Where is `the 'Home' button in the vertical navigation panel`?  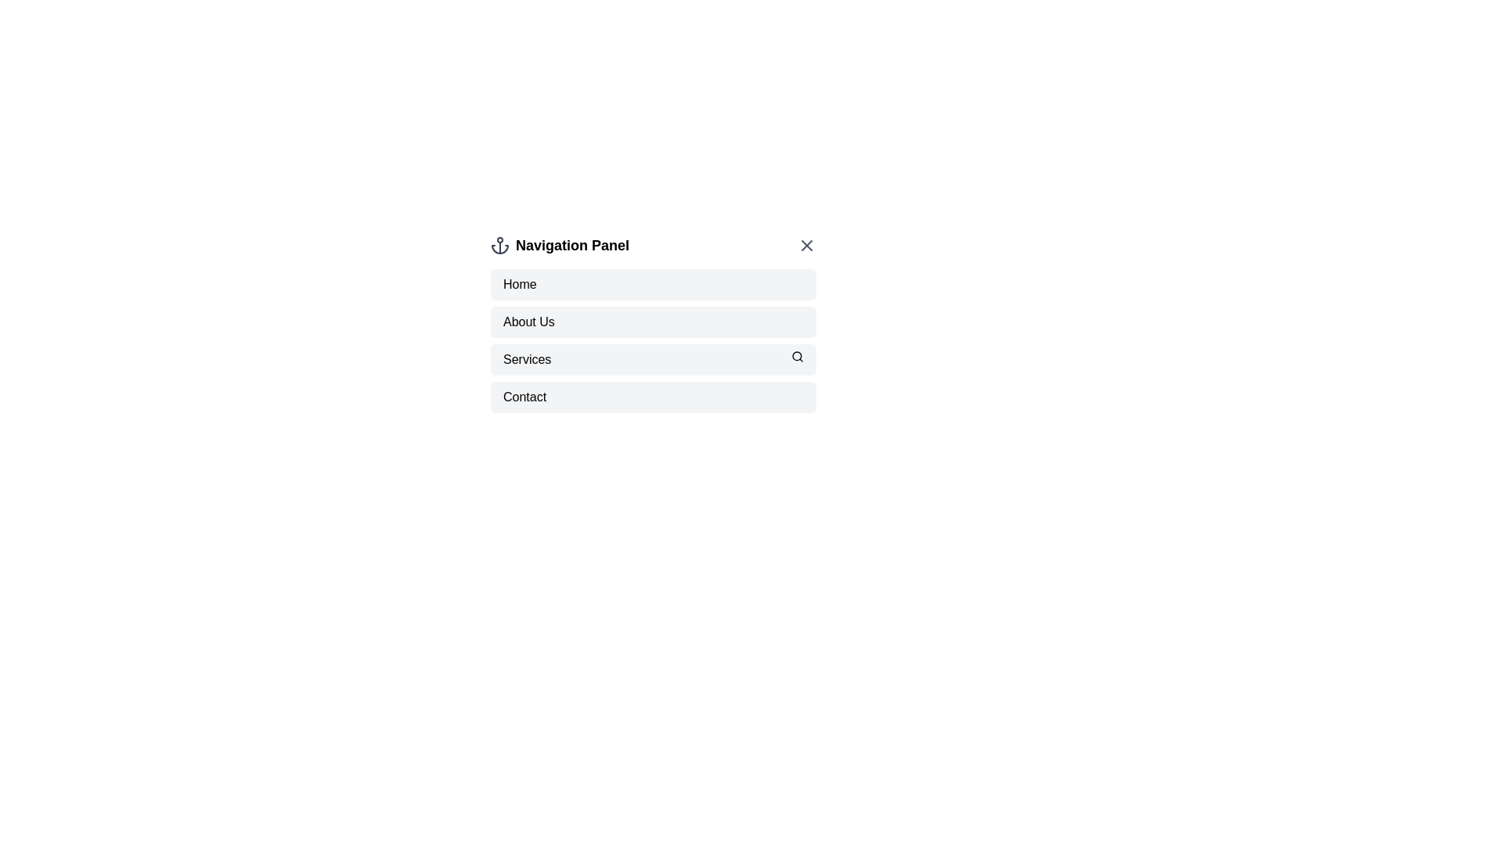
the 'Home' button in the vertical navigation panel is located at coordinates (654, 284).